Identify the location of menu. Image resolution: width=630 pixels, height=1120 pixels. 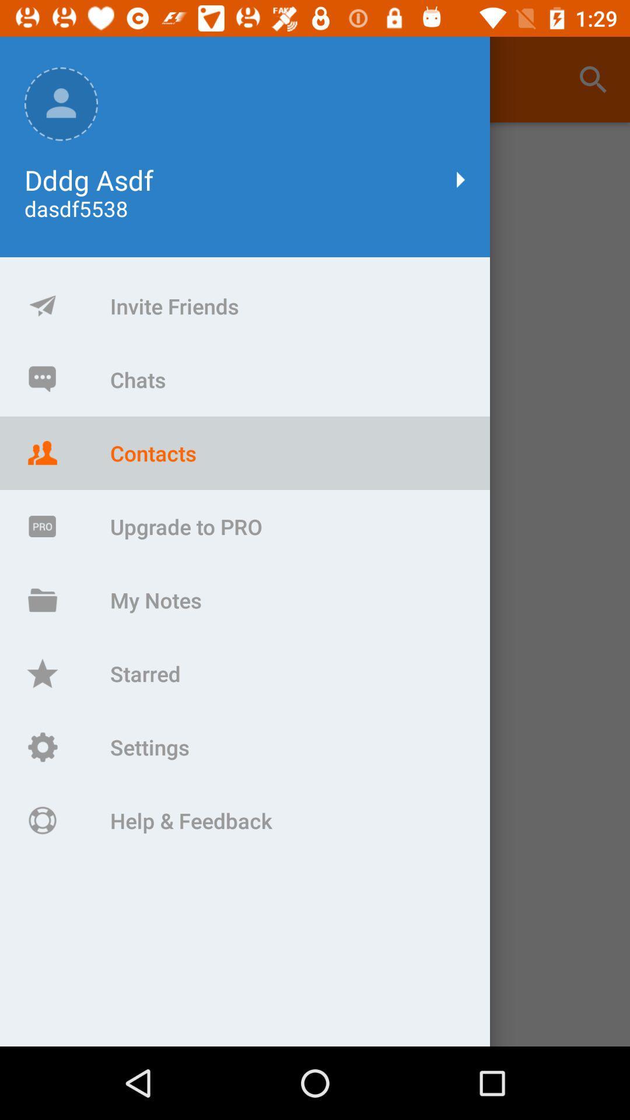
(315, 584).